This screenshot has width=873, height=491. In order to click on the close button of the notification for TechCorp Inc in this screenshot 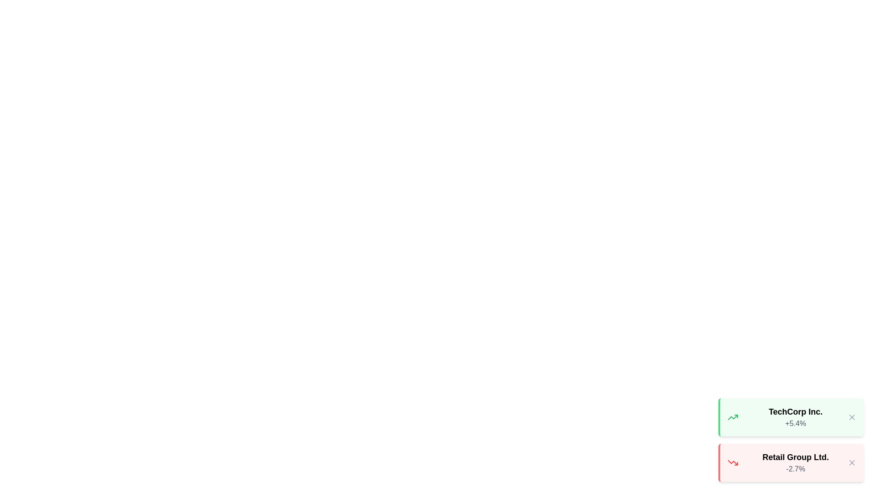, I will do `click(851, 417)`.